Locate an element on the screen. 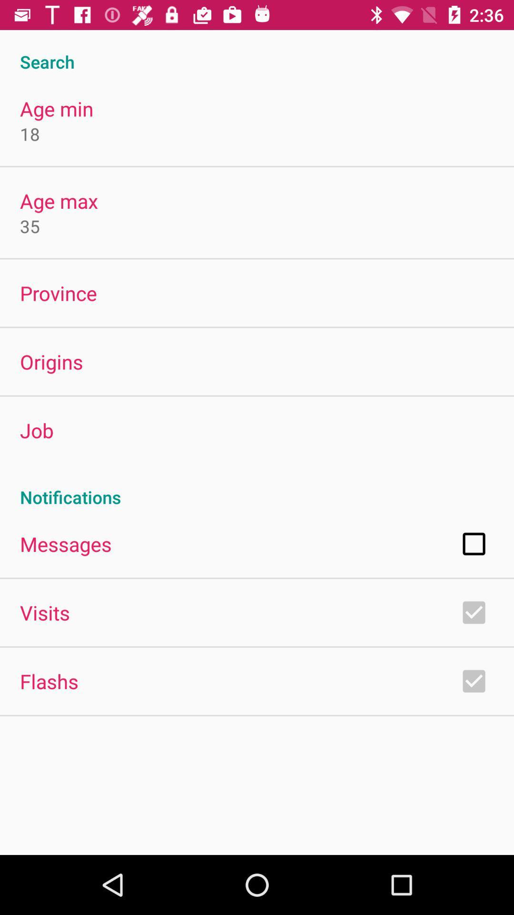 This screenshot has width=514, height=915. app below notifications app is located at coordinates (65, 544).